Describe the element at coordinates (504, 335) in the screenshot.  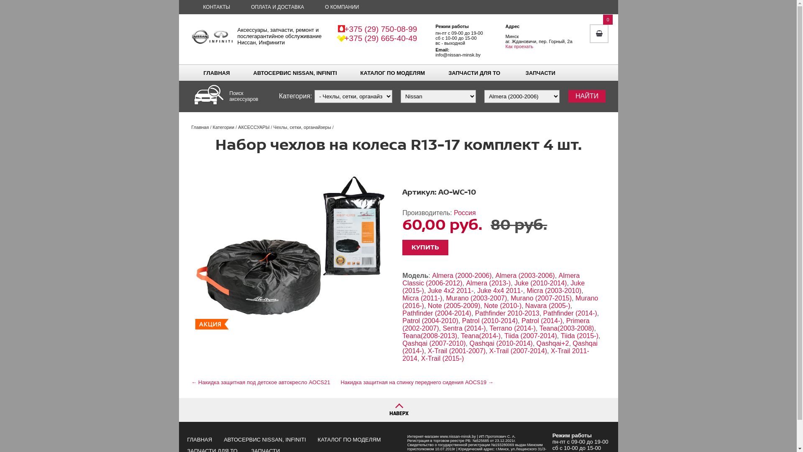
I see `'Tiida (2007-2014)'` at that location.